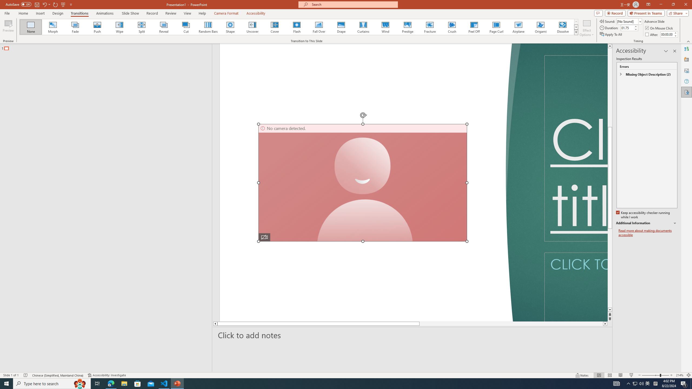  What do you see at coordinates (496, 27) in the screenshot?
I see `'Page Curl'` at bounding box center [496, 27].